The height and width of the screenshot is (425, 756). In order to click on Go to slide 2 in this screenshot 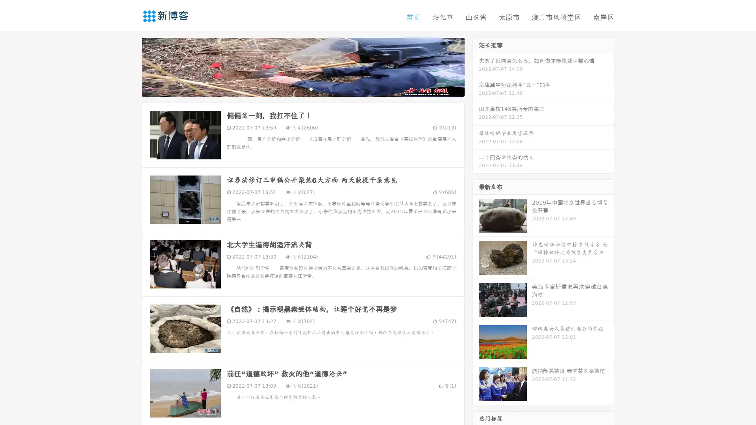, I will do `click(302, 89)`.